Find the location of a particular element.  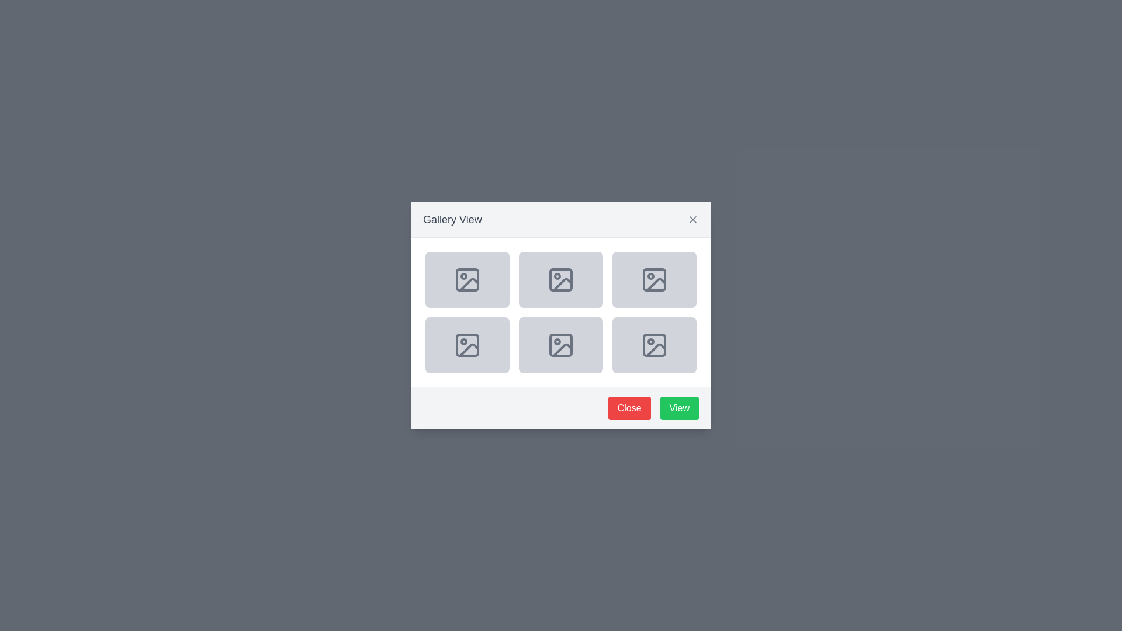

the Icon placeholder, which is a rectangular box with rounded corners and a light gray background, containing a gray line drawing of a picture frame, located in the second column and third row of the grid in the 'Gallery View' modal is located at coordinates (561, 344).